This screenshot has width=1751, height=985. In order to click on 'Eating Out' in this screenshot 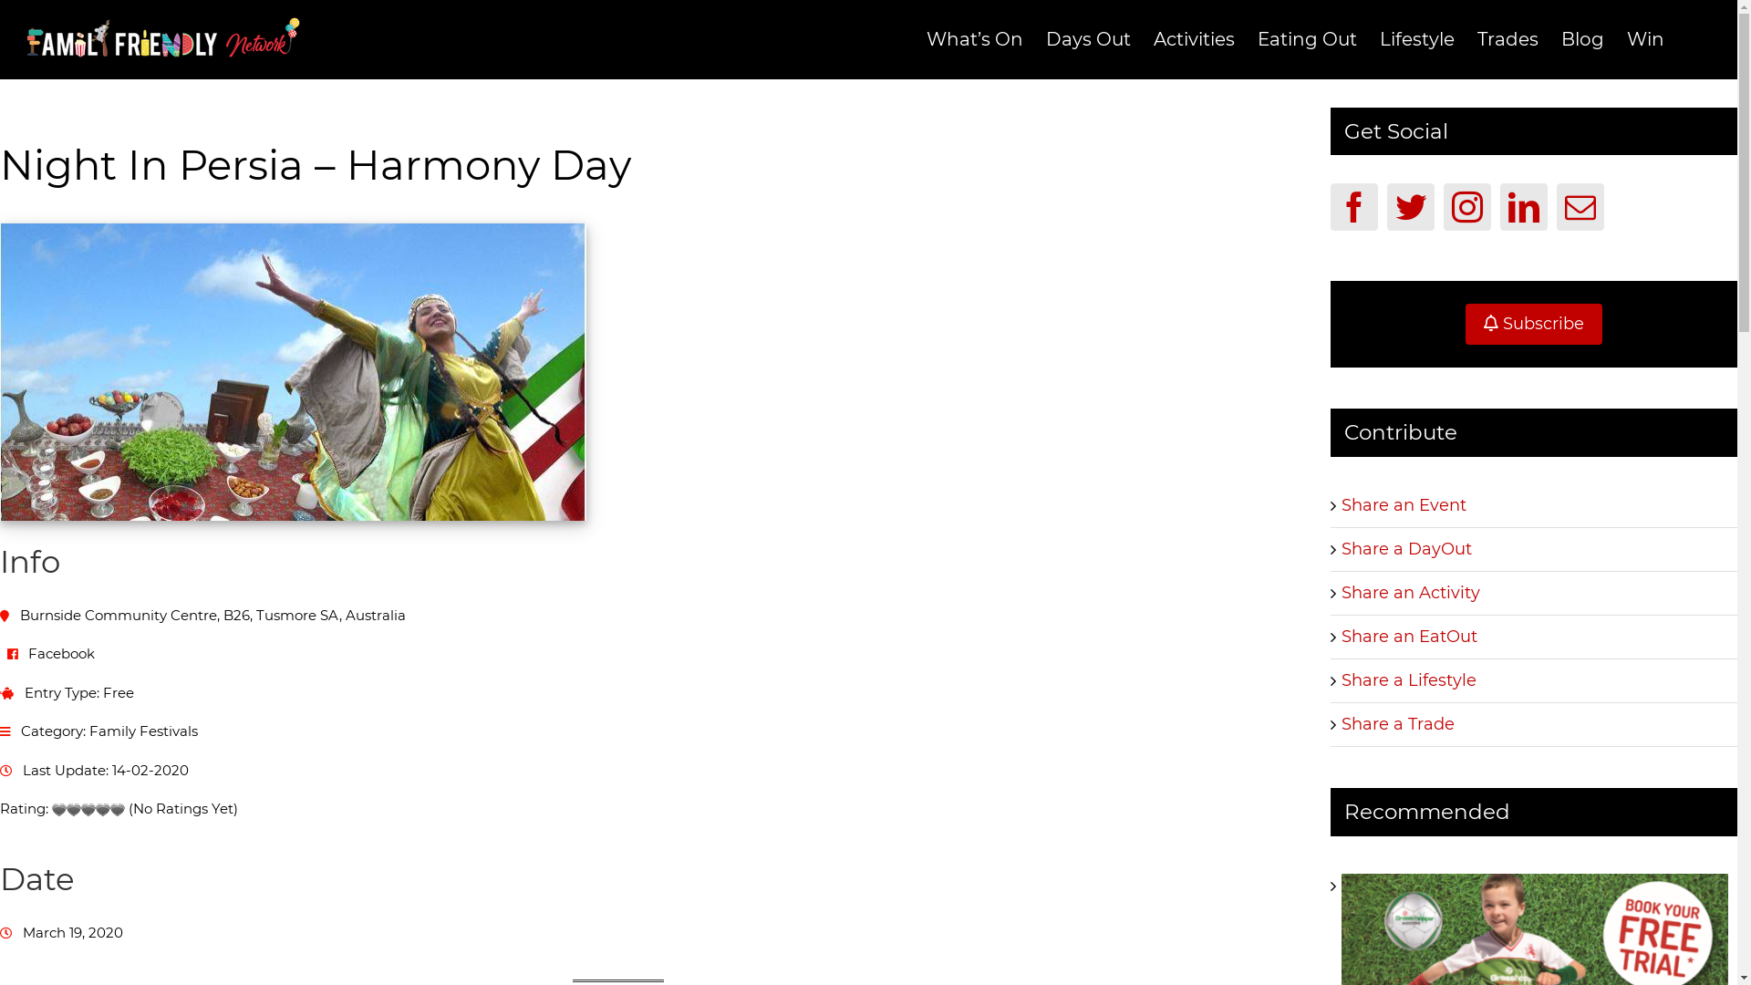, I will do `click(1256, 39)`.